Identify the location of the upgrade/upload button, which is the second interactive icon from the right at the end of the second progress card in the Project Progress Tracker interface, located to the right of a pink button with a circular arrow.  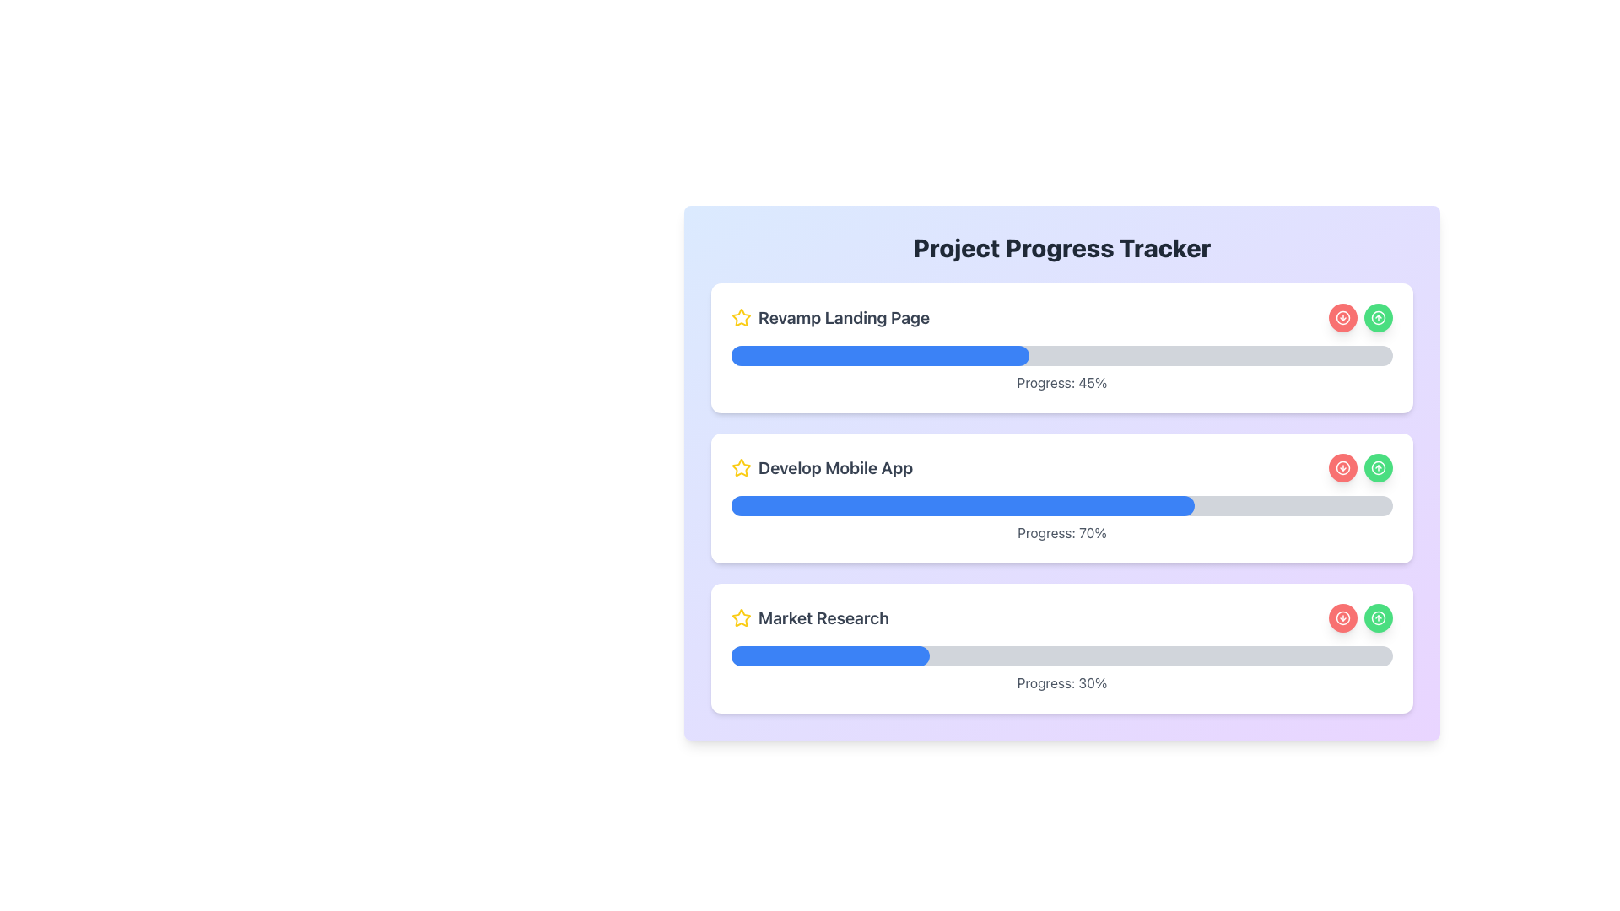
(1378, 468).